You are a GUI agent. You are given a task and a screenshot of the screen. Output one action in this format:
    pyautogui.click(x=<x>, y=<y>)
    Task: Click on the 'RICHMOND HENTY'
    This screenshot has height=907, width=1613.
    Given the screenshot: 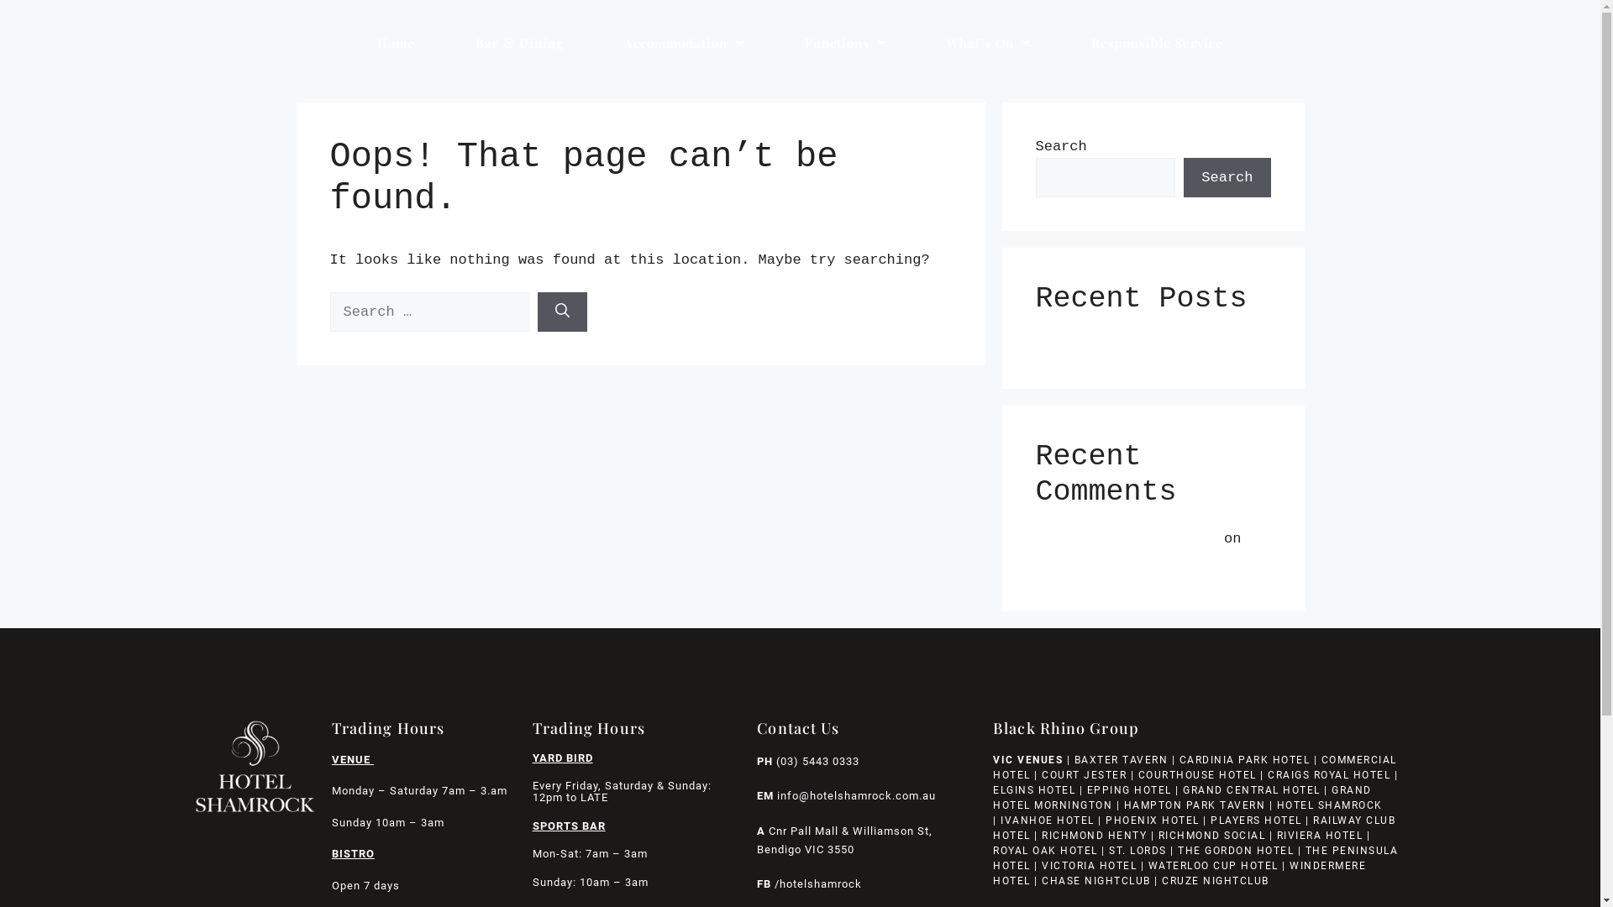 What is the action you would take?
    pyautogui.click(x=1094, y=836)
    